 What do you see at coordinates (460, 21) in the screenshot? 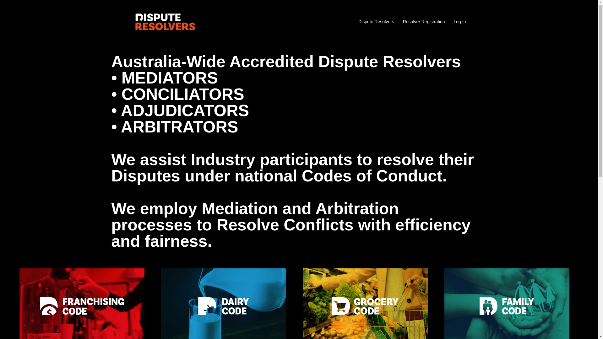
I see `'Log In'` at bounding box center [460, 21].